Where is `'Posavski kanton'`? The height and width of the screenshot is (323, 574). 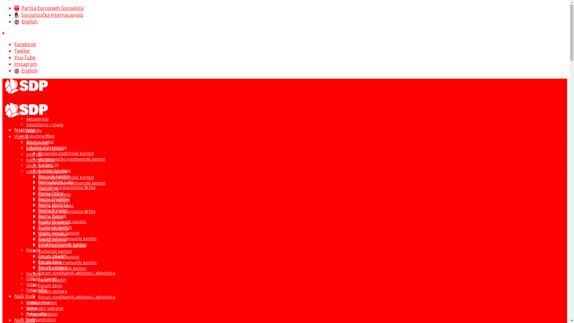 'Posavski kanton' is located at coordinates (54, 176).